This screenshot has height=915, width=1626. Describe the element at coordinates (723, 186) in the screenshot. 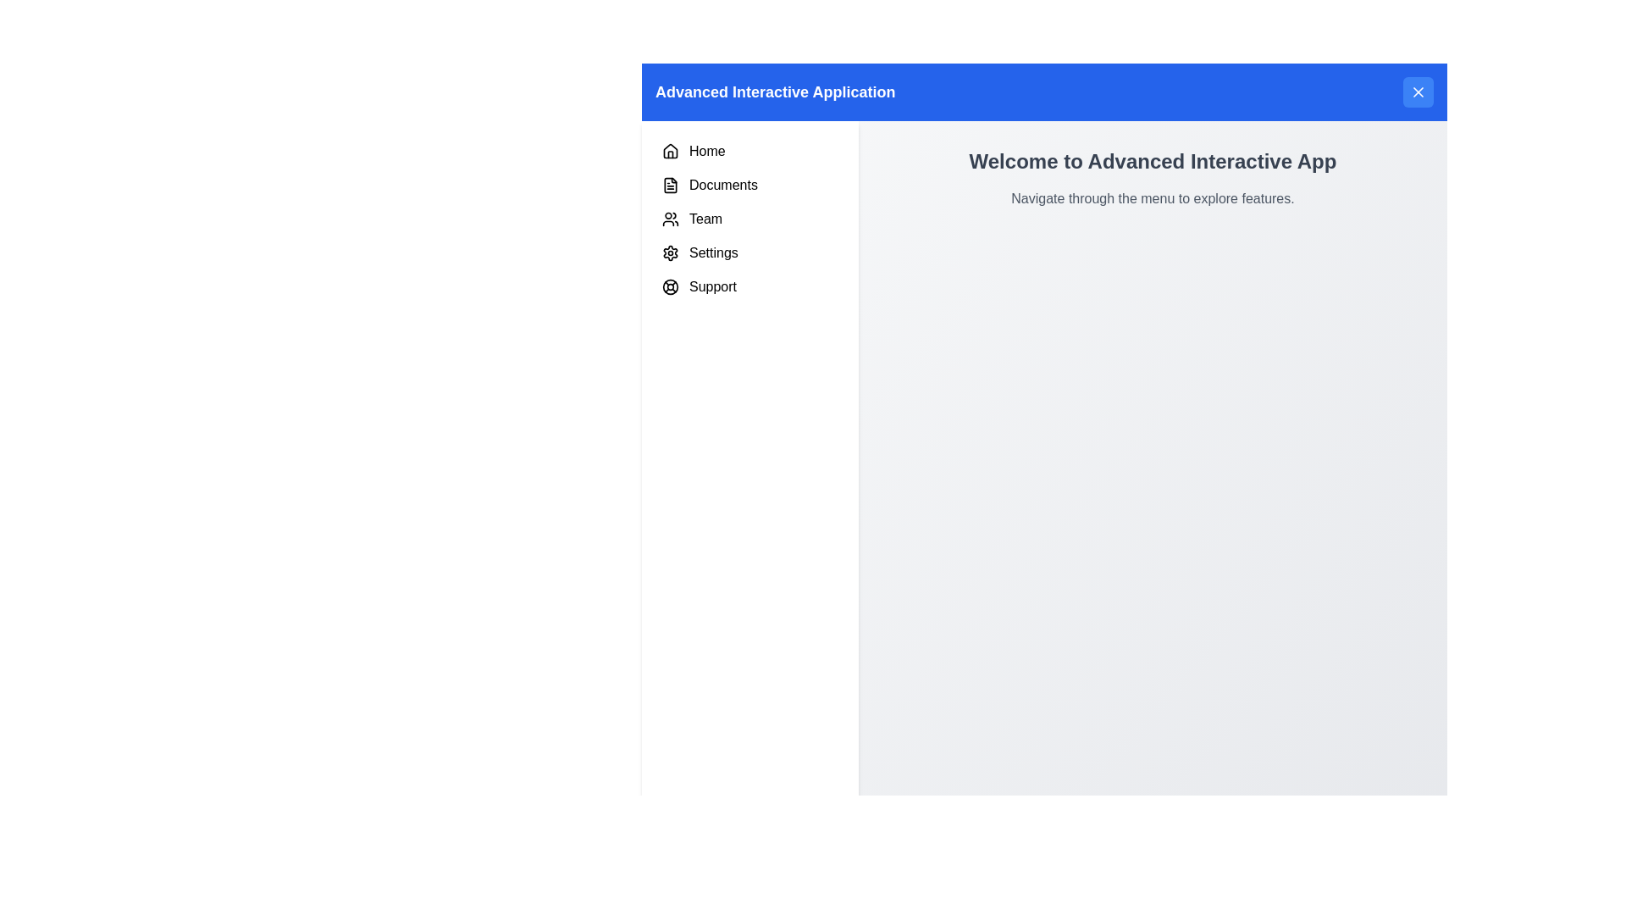

I see `the 'Documents' navigation link in the vertical menu` at that location.